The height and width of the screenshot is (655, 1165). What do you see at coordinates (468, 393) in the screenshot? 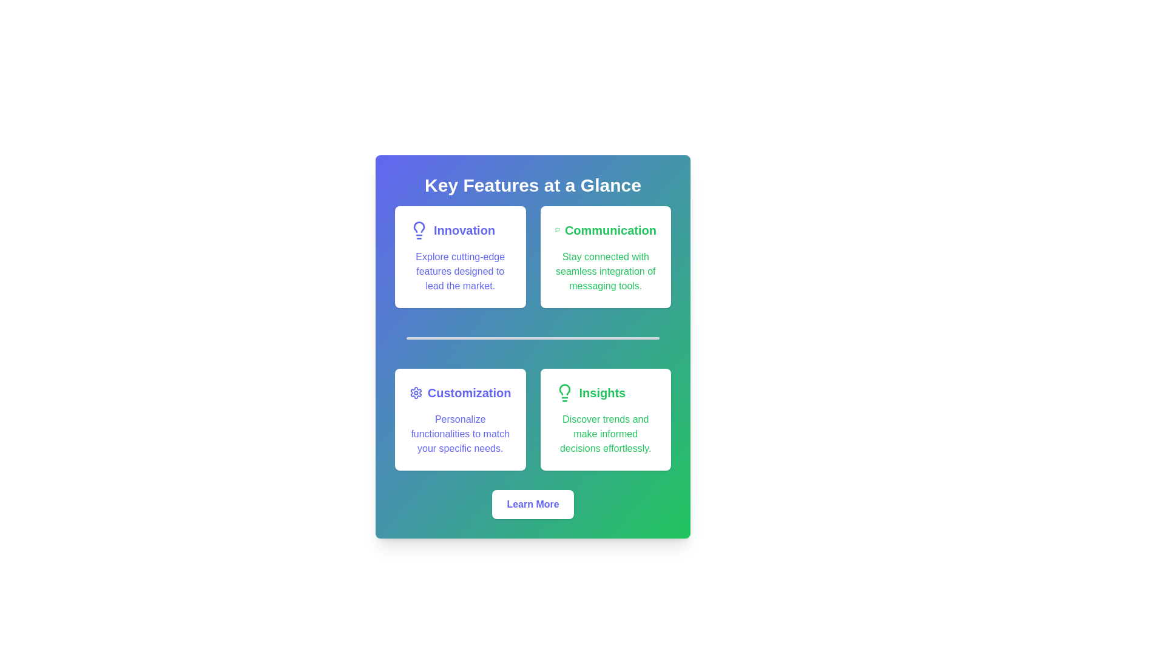
I see `the Text label that acts as a title for the associated feature description in the second card of the lower row among four feature cards` at bounding box center [468, 393].